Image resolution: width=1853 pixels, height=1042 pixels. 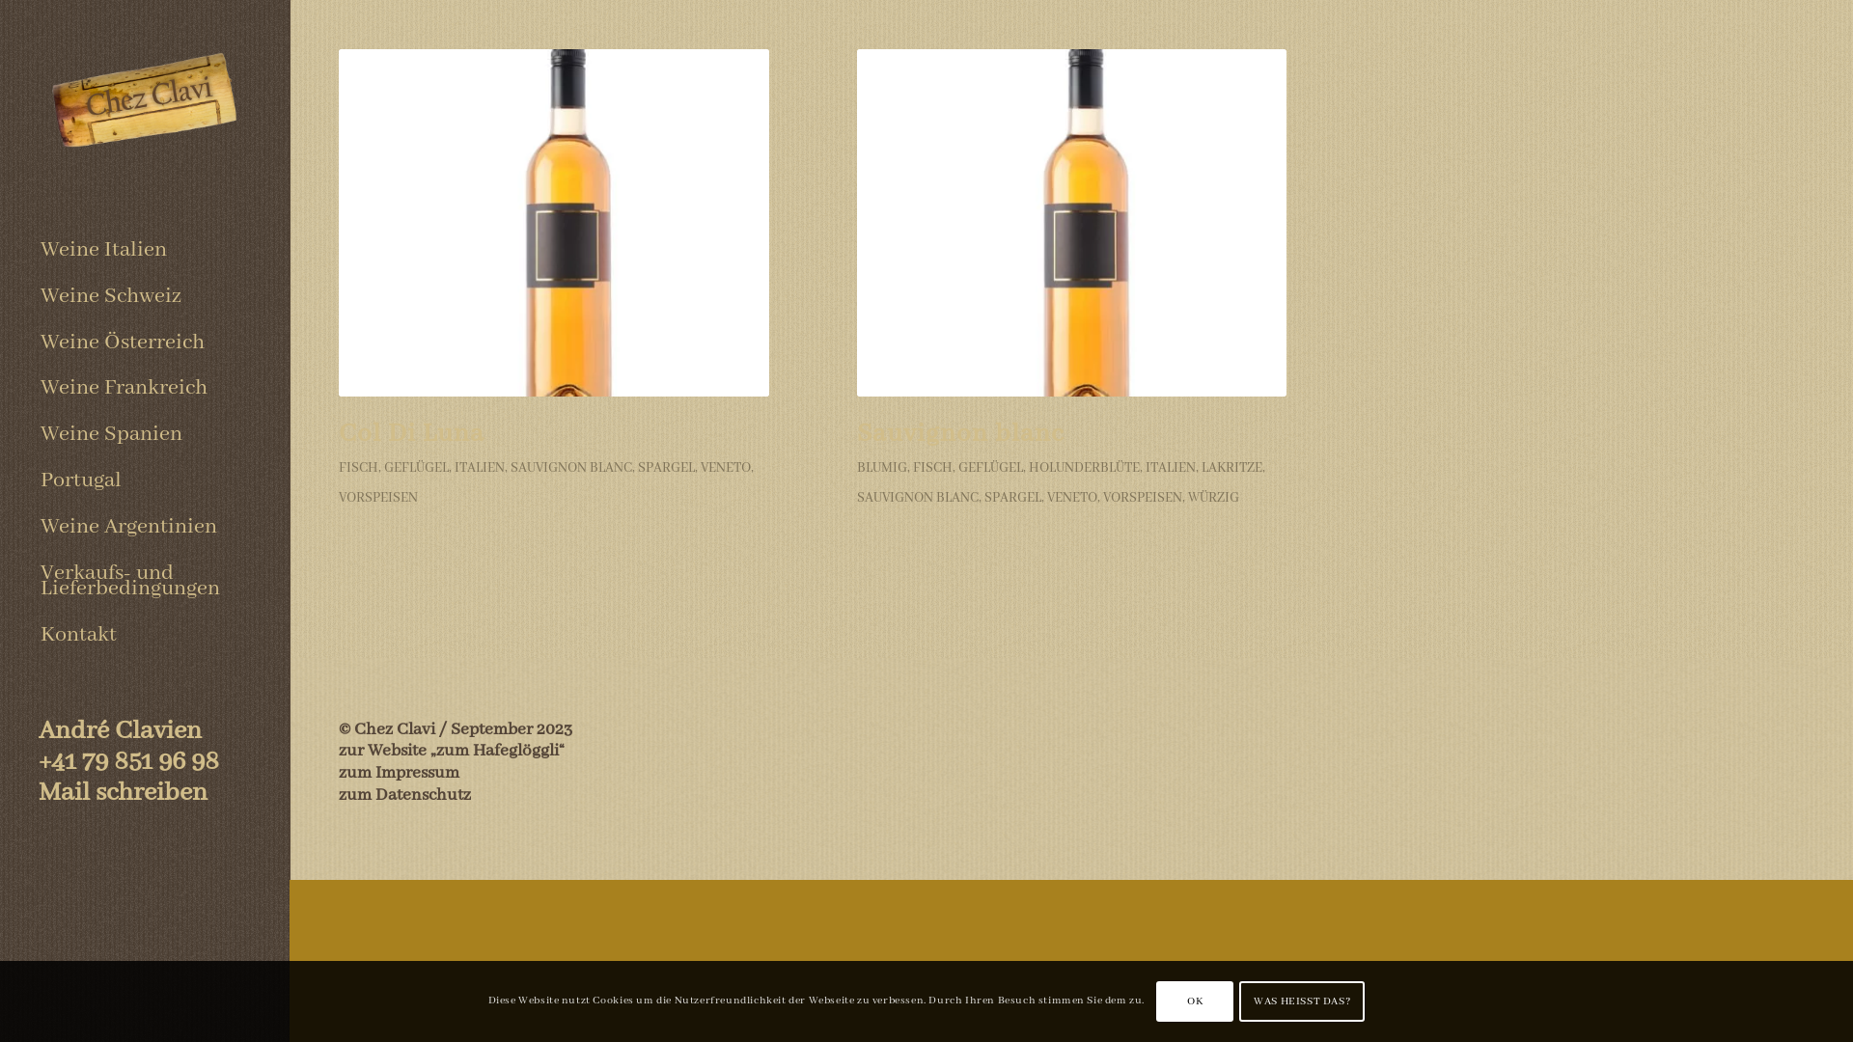 I want to click on 'Mail schreiben', so click(x=122, y=792).